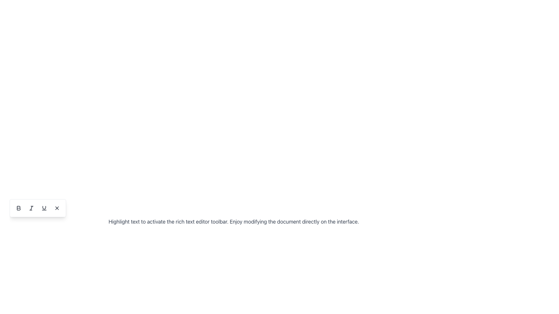  What do you see at coordinates (57, 208) in the screenshot?
I see `the close button located at the top-right of the grouped toolbar` at bounding box center [57, 208].